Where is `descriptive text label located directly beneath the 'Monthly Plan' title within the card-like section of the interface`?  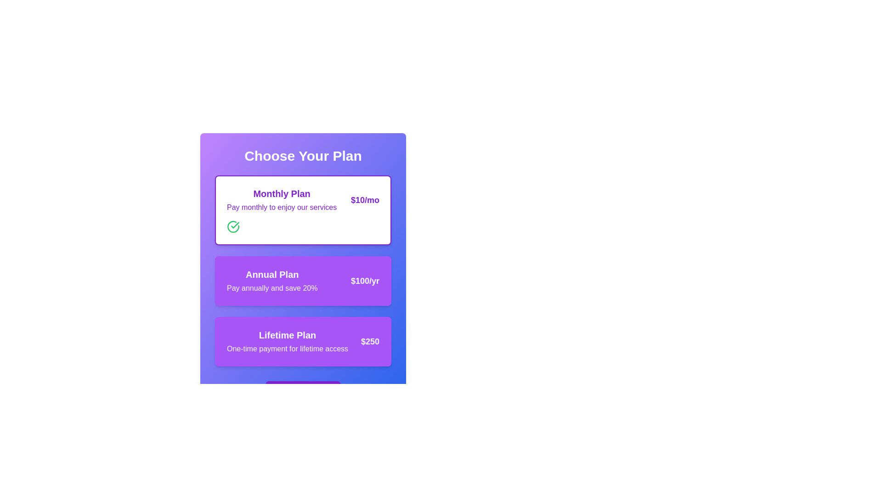 descriptive text label located directly beneath the 'Monthly Plan' title within the card-like section of the interface is located at coordinates (281, 207).